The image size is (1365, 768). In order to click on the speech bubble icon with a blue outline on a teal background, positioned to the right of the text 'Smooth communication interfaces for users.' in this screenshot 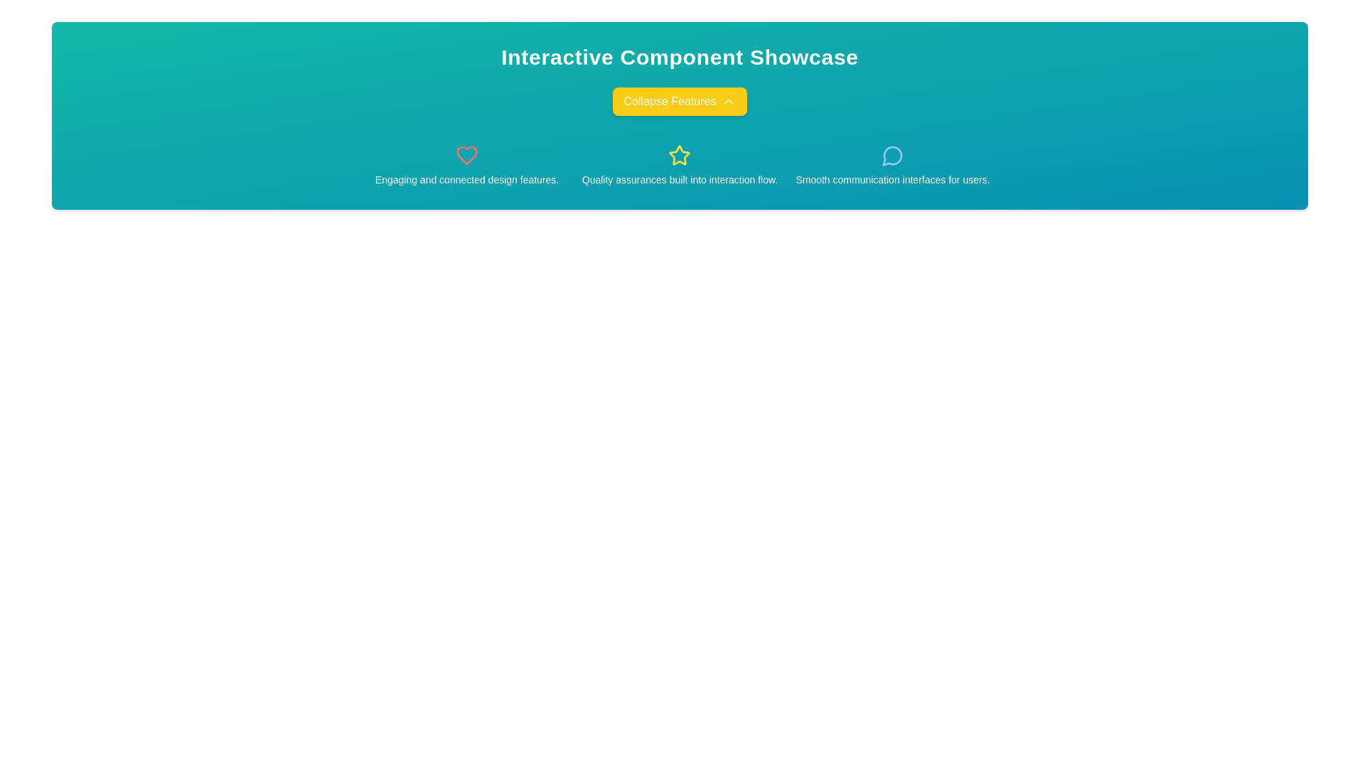, I will do `click(892, 156)`.